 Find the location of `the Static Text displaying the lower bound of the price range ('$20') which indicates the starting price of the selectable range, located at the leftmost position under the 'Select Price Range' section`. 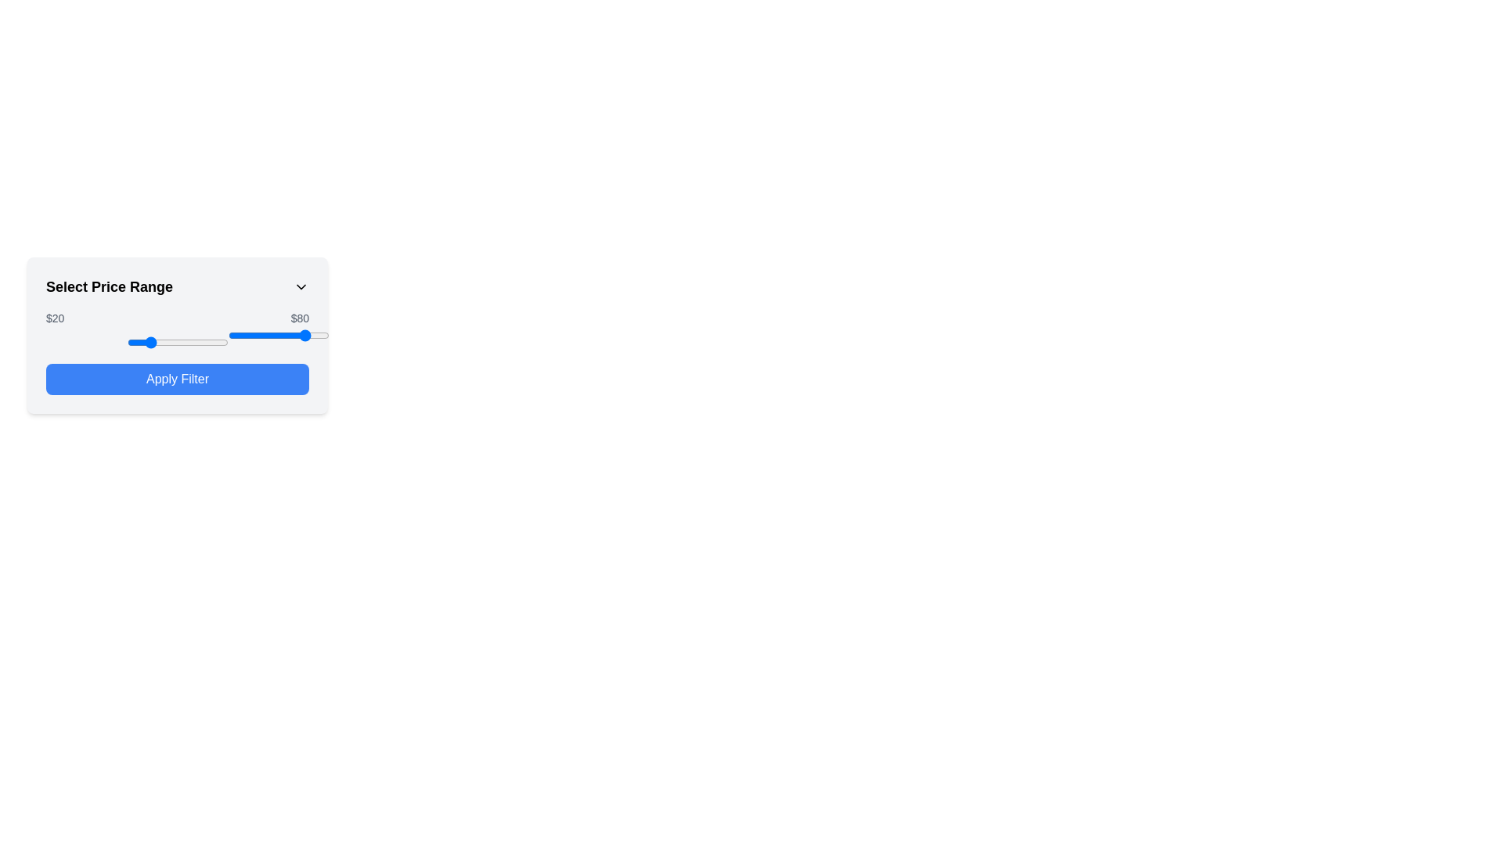

the Static Text displaying the lower bound of the price range ('$20') which indicates the starting price of the selectable range, located at the leftmost position under the 'Select Price Range' section is located at coordinates (55, 318).